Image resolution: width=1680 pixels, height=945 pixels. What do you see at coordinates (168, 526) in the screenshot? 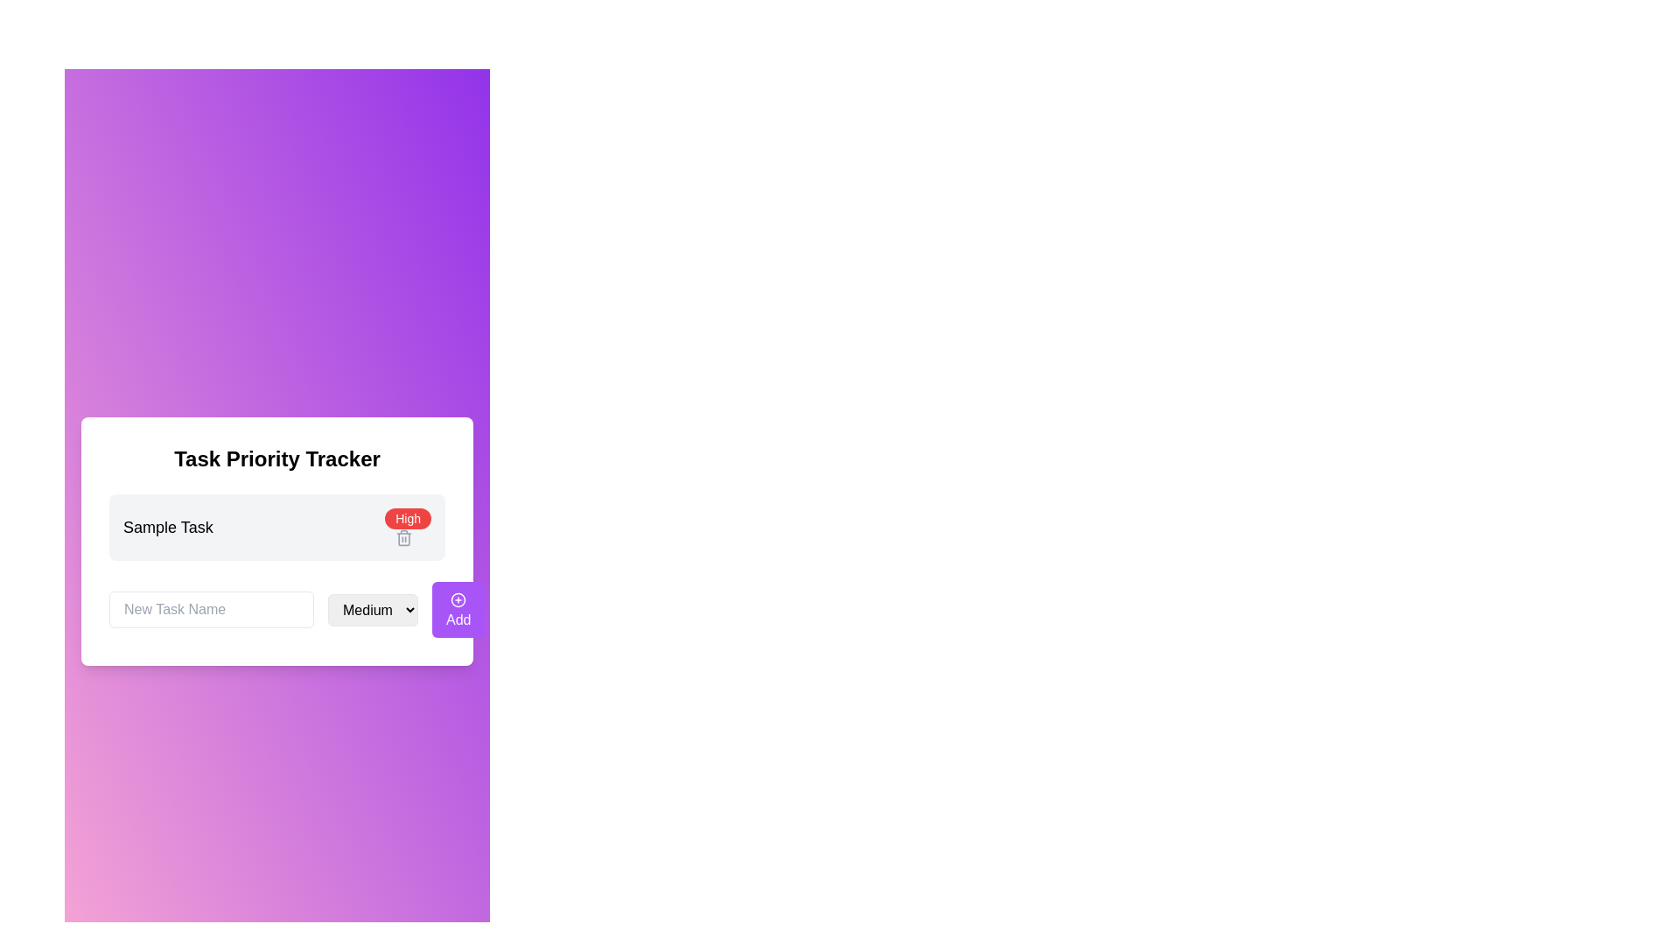
I see `the 'Sample Task' text label to trigger additional information about the task` at bounding box center [168, 526].